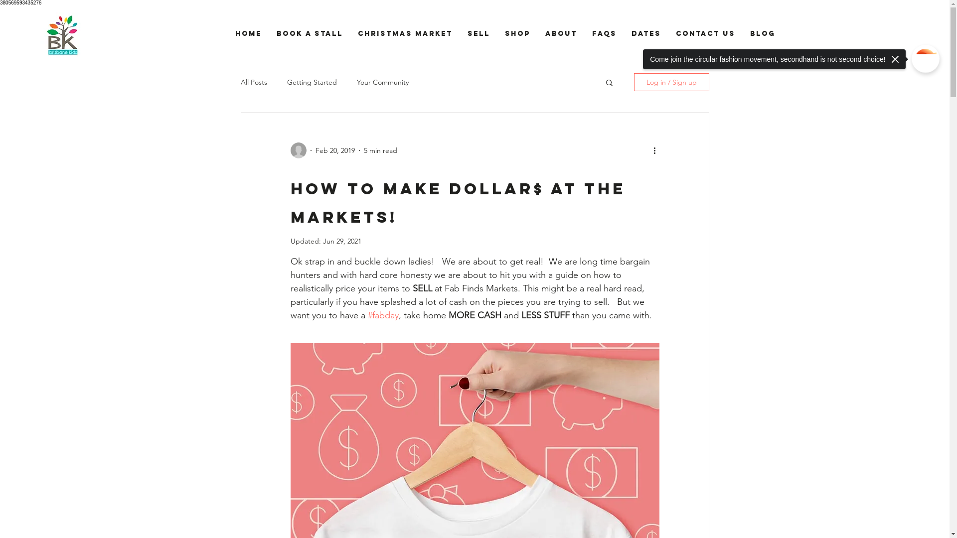  I want to click on 'Your Community', so click(382, 82).